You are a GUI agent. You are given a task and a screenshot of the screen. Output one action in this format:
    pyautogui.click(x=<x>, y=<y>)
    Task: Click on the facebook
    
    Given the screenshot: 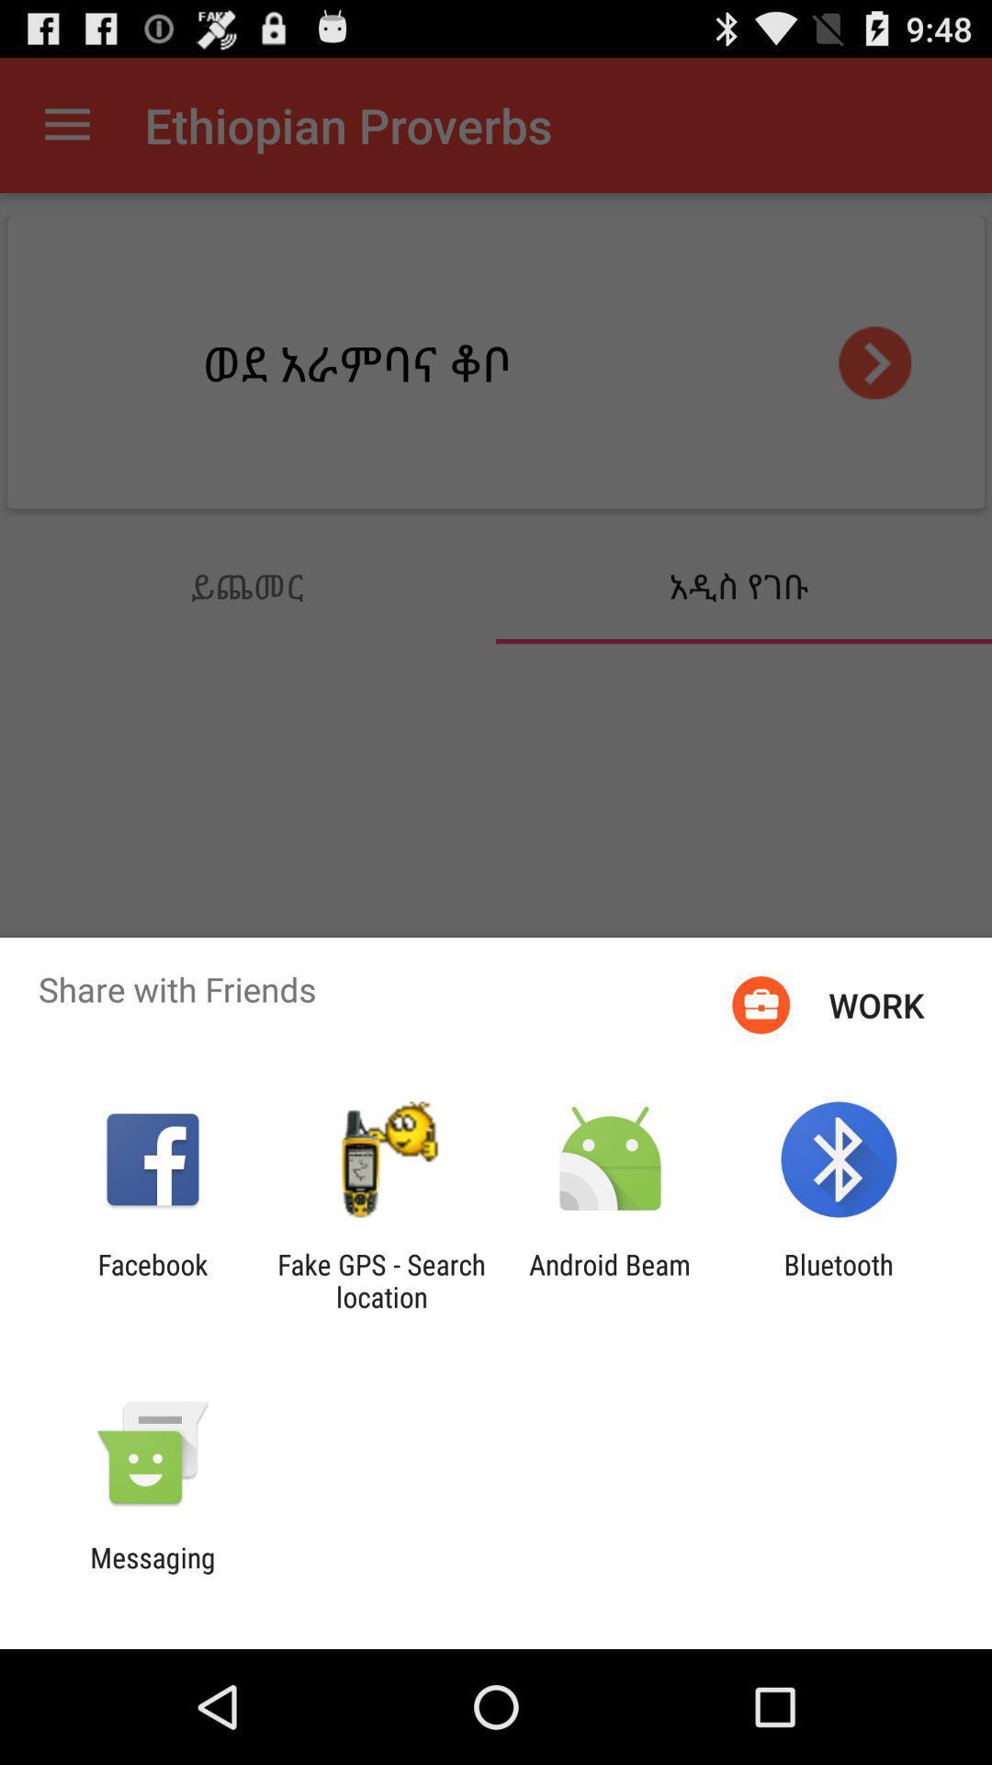 What is the action you would take?
    pyautogui.click(x=152, y=1280)
    